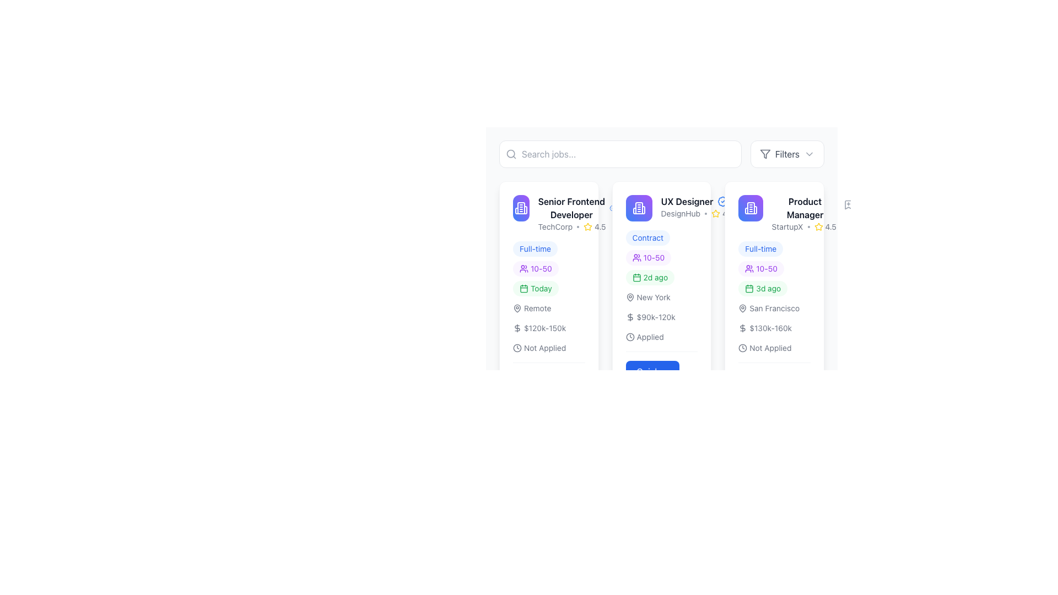  I want to click on the visual style of the outermost circular component of the badge icon located in the top-right area of the second job card, so click(612, 208).